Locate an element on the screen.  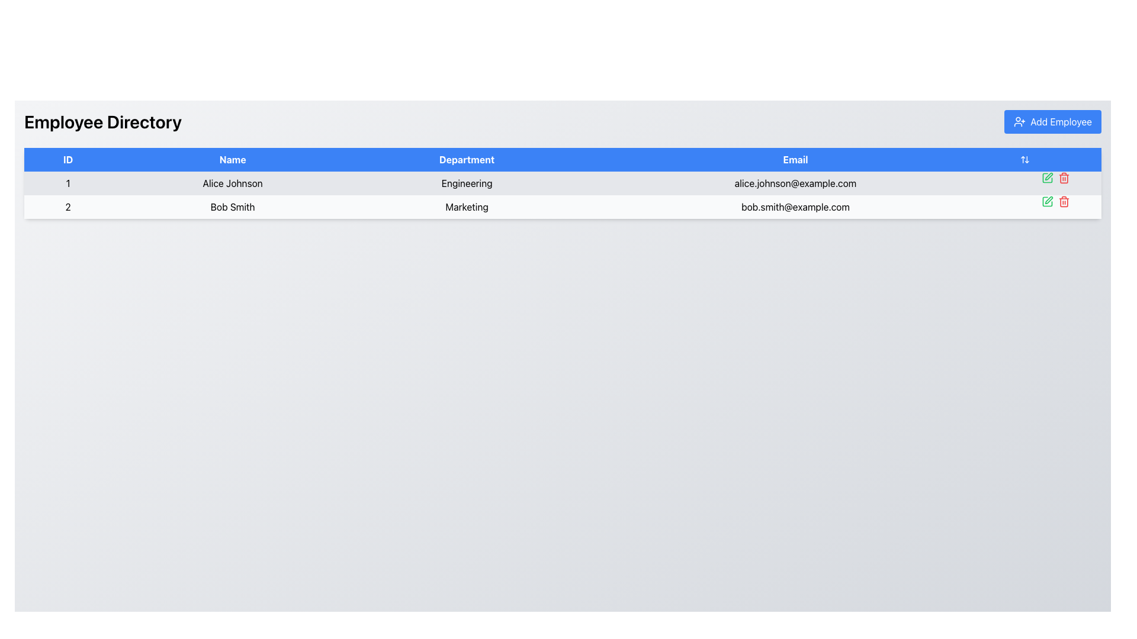
the edit button icon located to the right of the 'Email' field in the row containing 'Bob Smith' in the 'Employee Directory' table is located at coordinates (1049, 176).